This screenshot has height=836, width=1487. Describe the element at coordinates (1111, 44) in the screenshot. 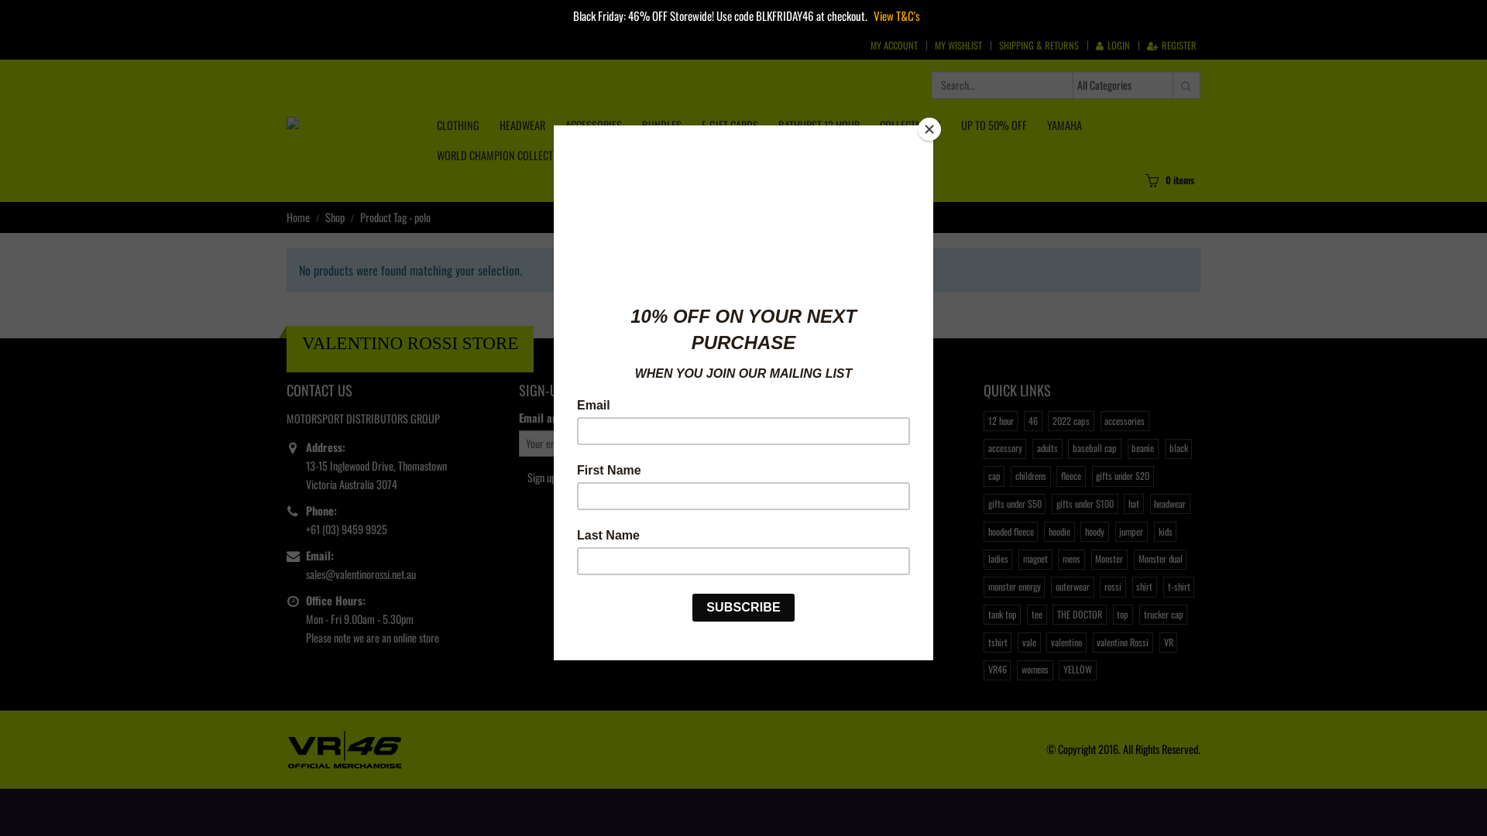

I see `'LOGIN'` at that location.